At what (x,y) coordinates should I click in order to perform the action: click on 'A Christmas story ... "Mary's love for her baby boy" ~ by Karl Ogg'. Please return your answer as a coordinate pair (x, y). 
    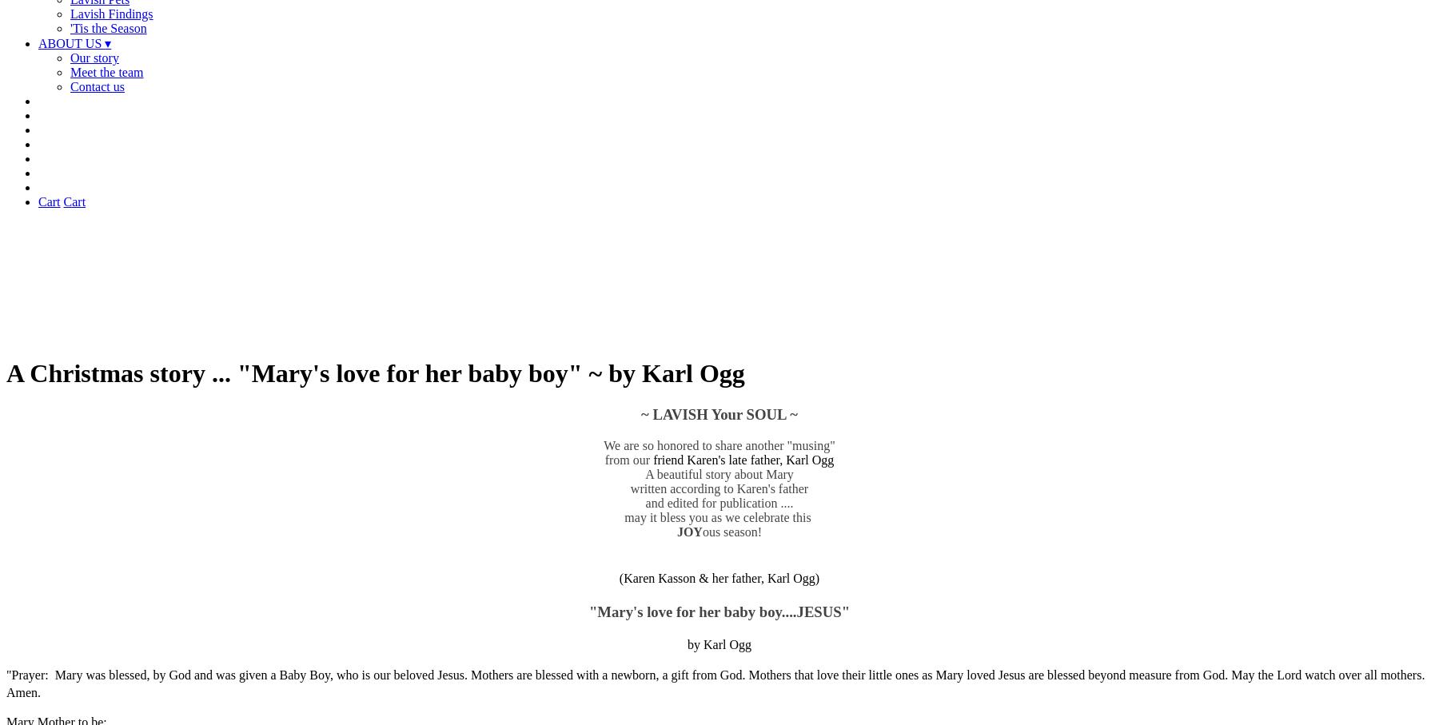
    Looking at the image, I should click on (374, 373).